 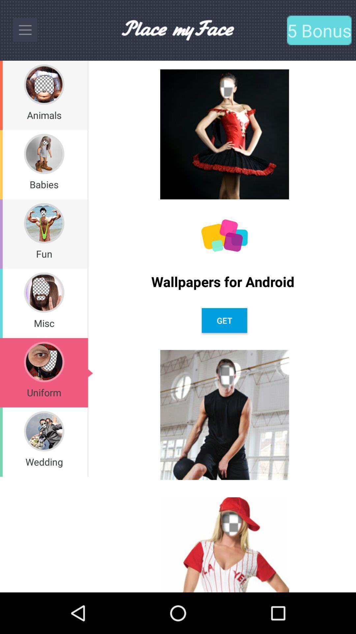 I want to click on misc symbol, so click(x=44, y=292).